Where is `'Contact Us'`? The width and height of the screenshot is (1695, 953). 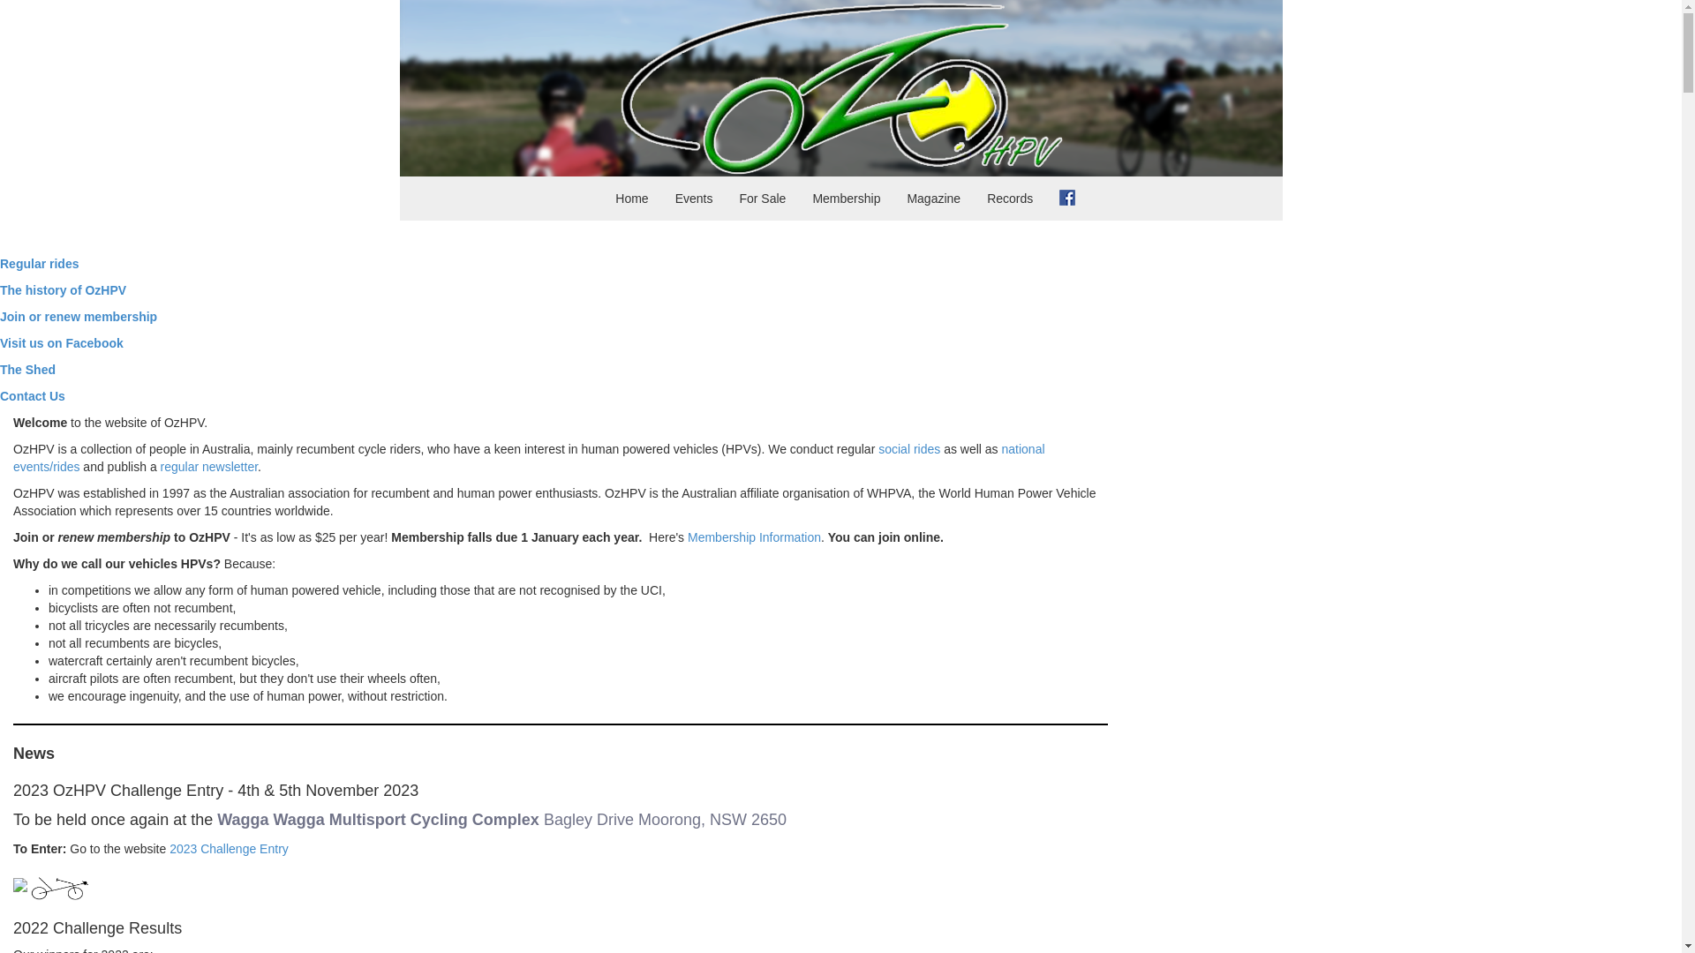
'Contact Us' is located at coordinates (33, 394).